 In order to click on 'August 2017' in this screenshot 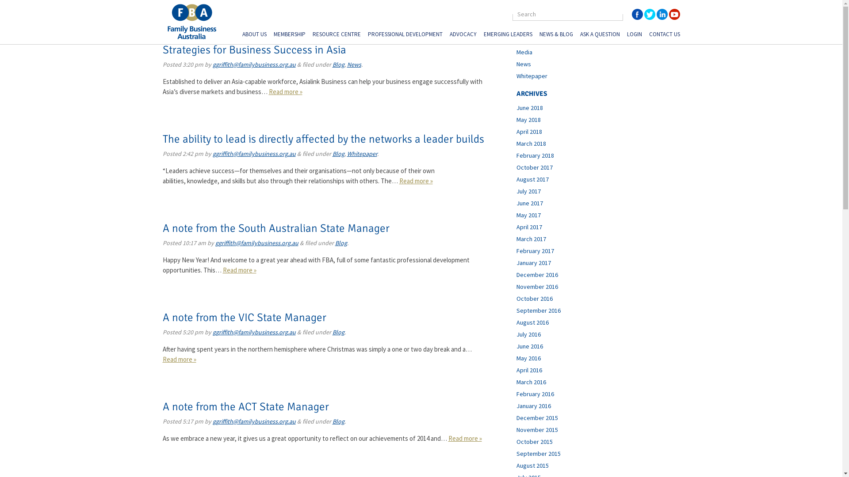, I will do `click(532, 179)`.